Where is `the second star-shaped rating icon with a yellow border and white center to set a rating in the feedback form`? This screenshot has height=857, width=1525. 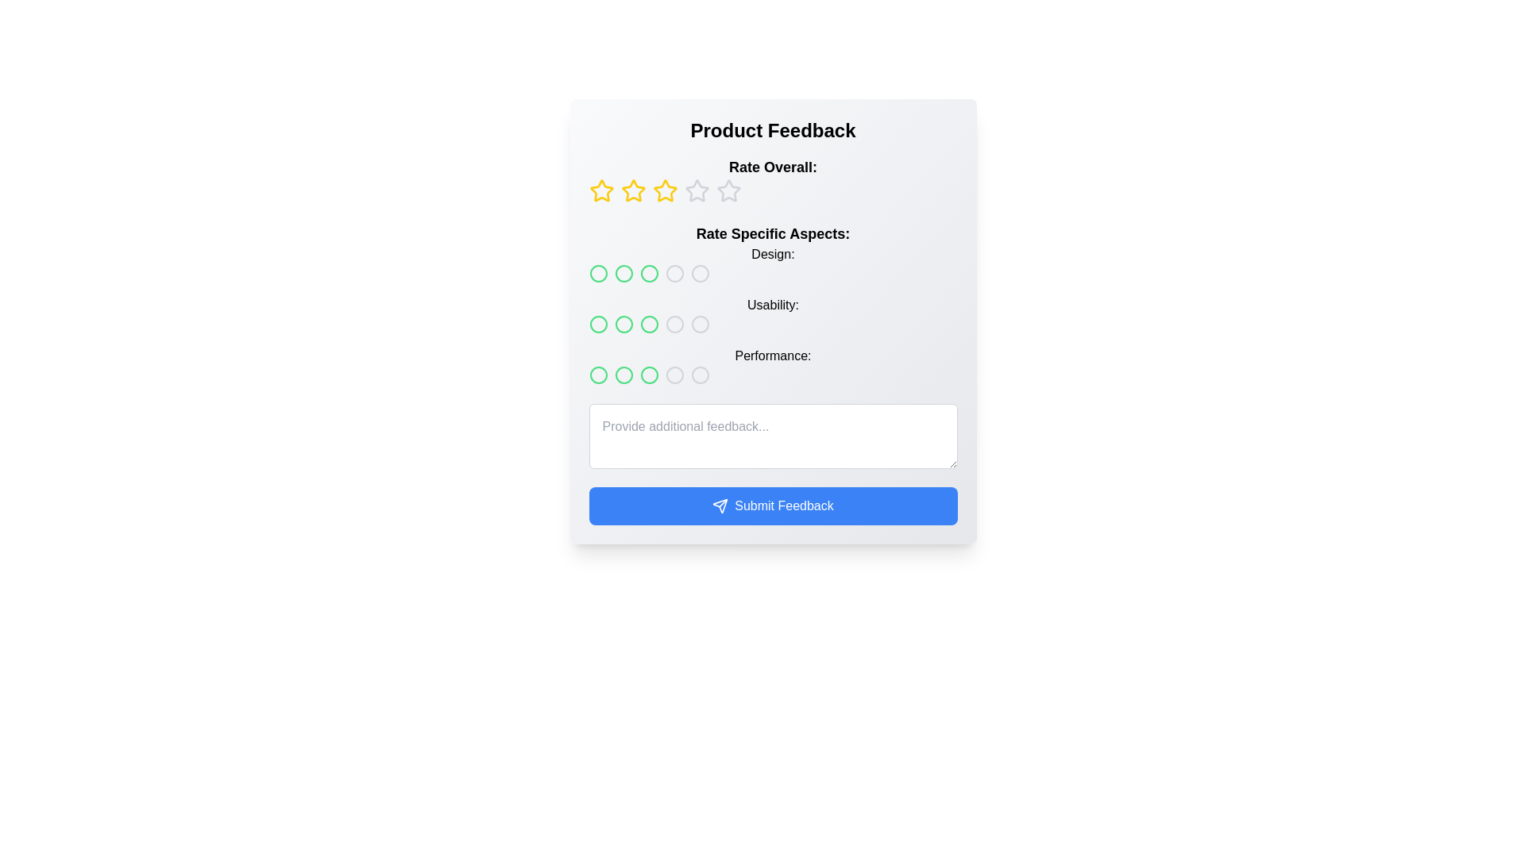
the second star-shaped rating icon with a yellow border and white center to set a rating in the feedback form is located at coordinates (632, 190).